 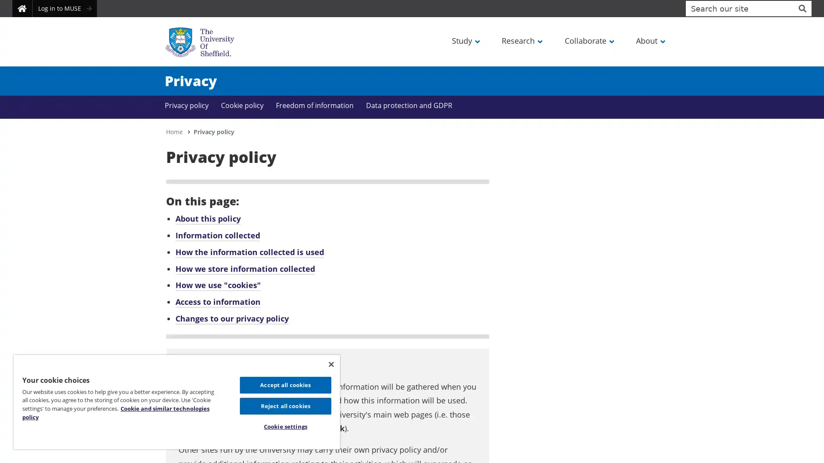 What do you see at coordinates (588, 40) in the screenshot?
I see `Collaborate` at bounding box center [588, 40].